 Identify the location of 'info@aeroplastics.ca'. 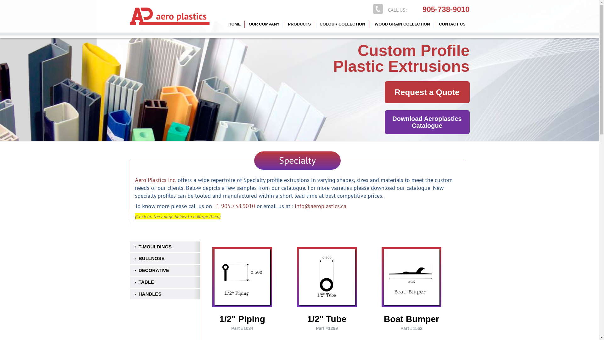
(320, 206).